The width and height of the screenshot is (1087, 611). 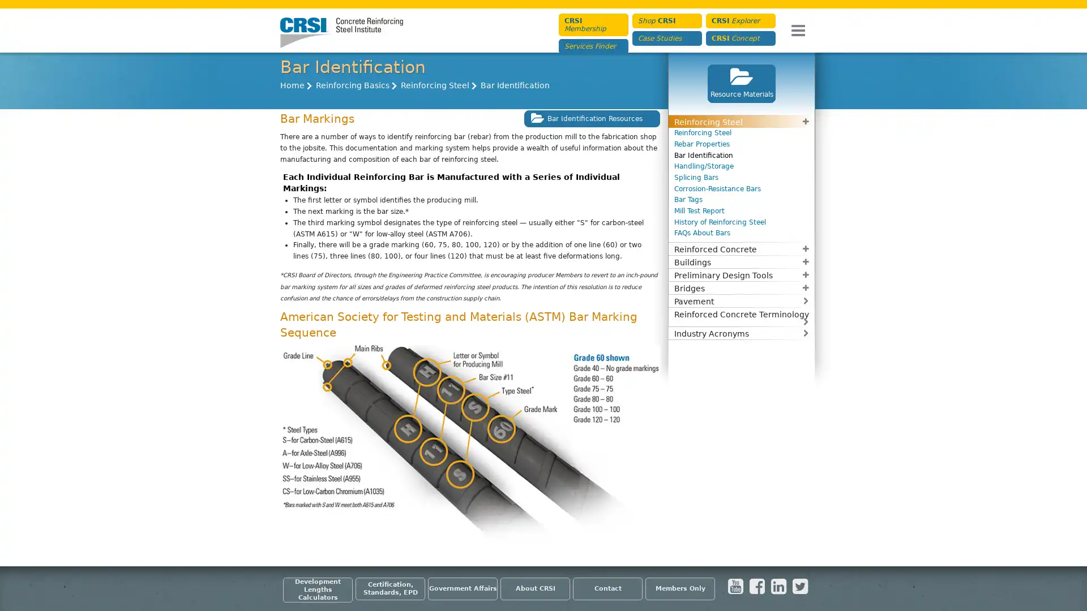 What do you see at coordinates (390, 588) in the screenshot?
I see `Certification, Standards, EPD` at bounding box center [390, 588].